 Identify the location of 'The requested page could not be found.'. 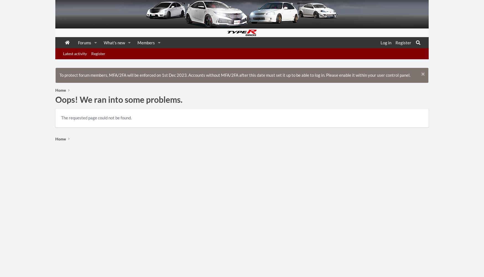
(96, 118).